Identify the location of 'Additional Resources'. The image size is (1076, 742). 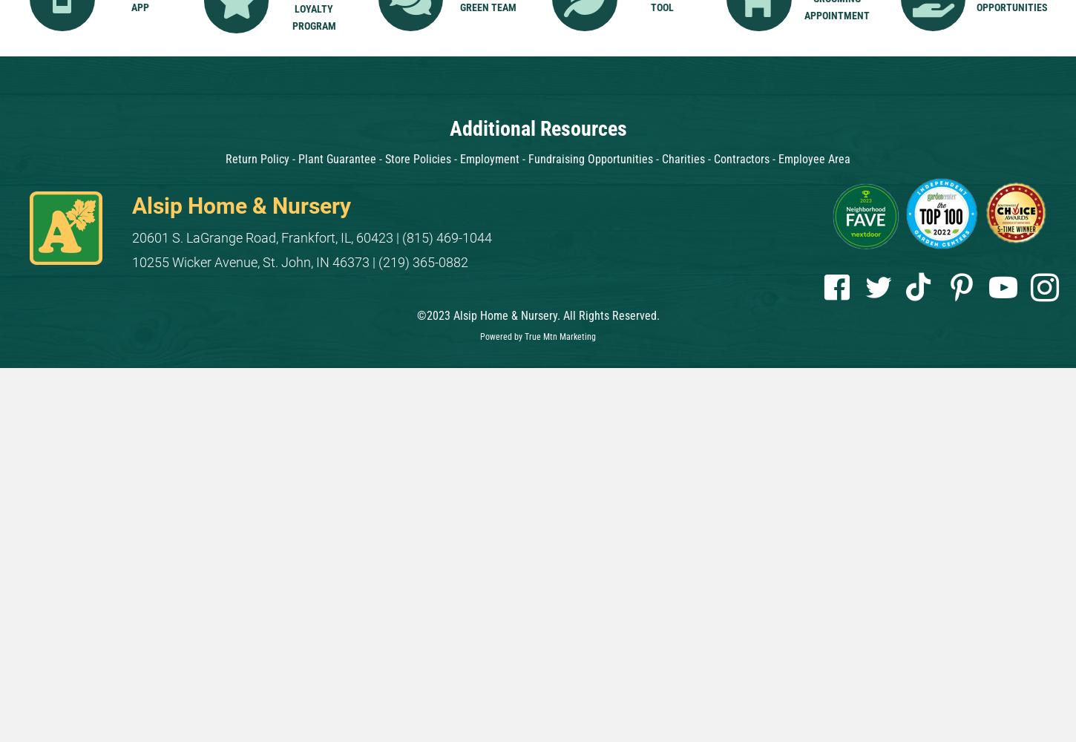
(537, 128).